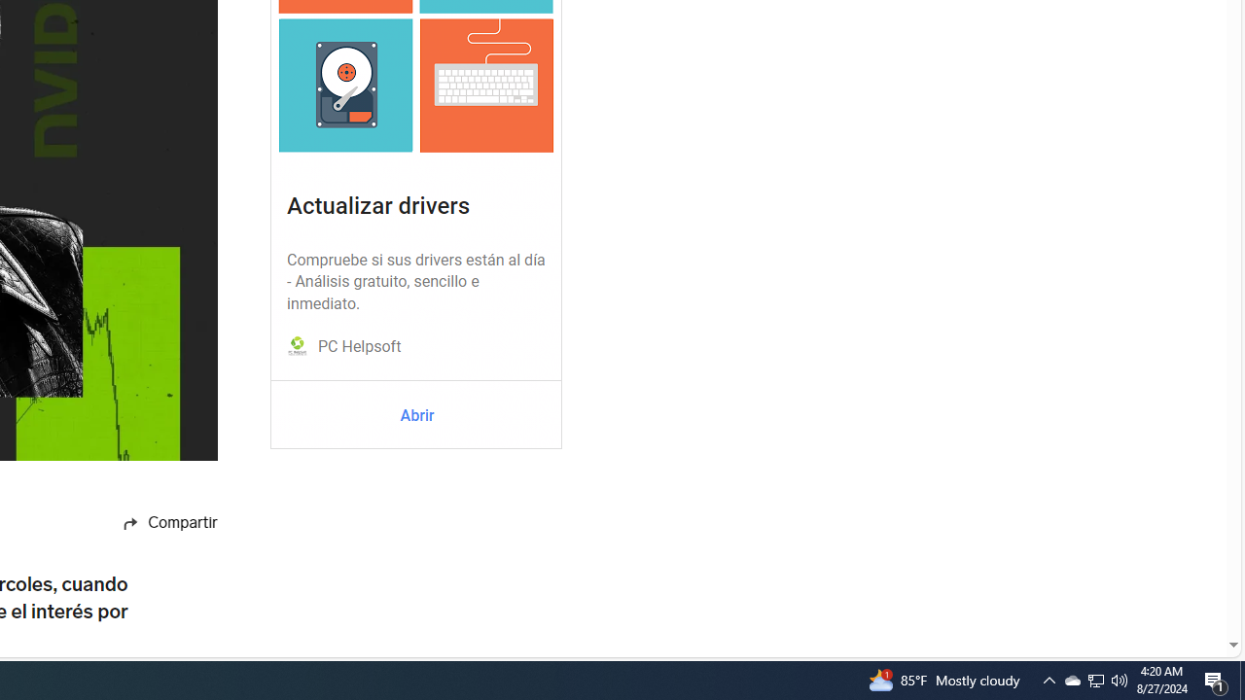 The image size is (1245, 700). Describe the element at coordinates (359, 346) in the screenshot. I see `'PC Helpsoft'` at that location.